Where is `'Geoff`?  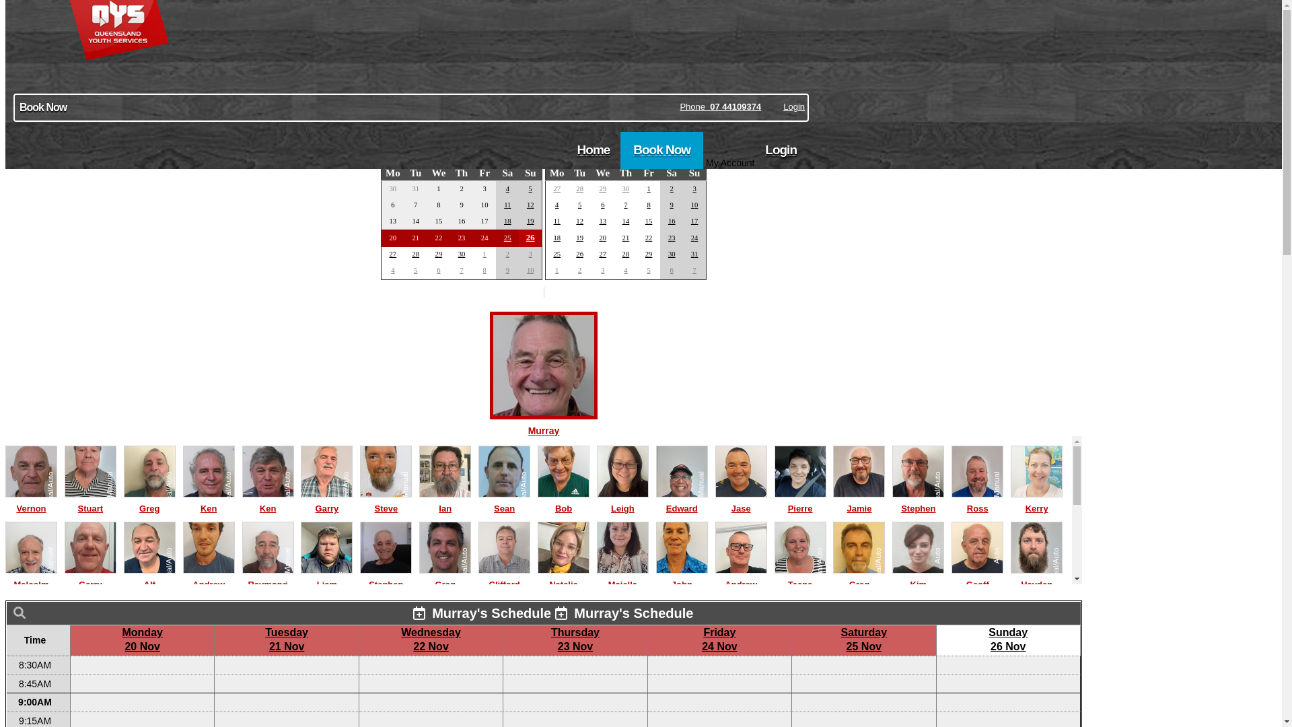
'Geoff is located at coordinates (977, 577).